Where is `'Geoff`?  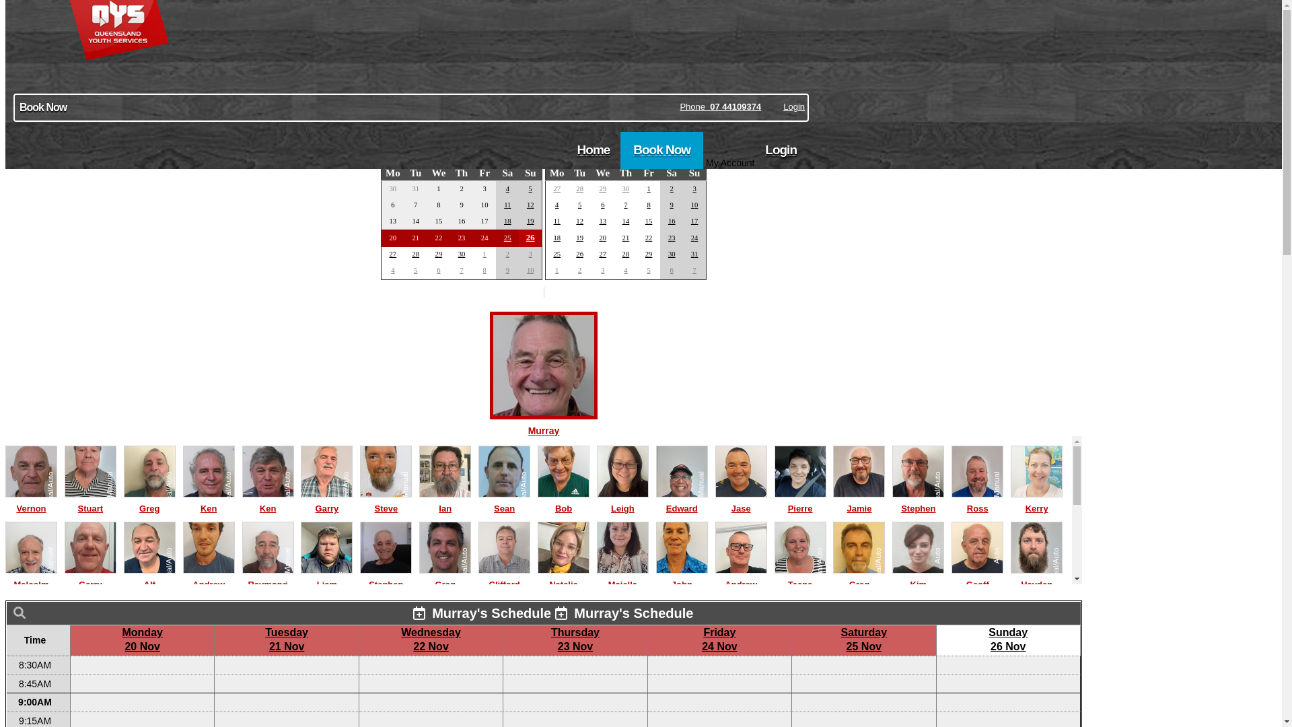
'Geoff is located at coordinates (977, 577).